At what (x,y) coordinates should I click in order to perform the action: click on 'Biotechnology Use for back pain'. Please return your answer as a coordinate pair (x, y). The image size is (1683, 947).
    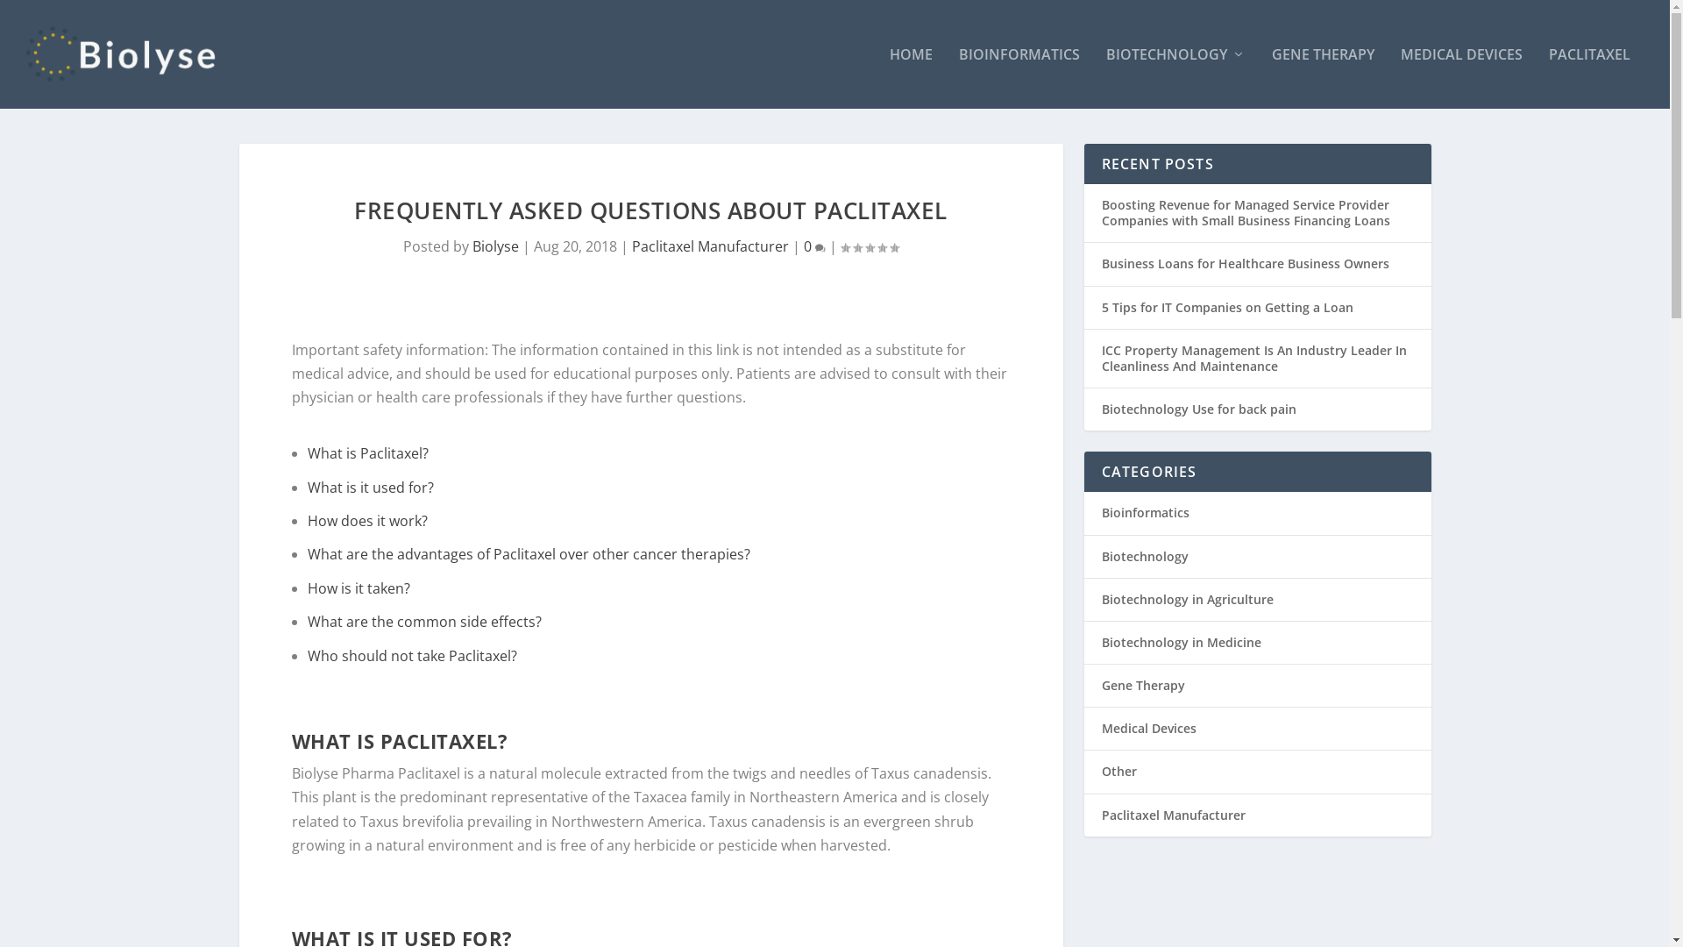
    Looking at the image, I should click on (1197, 409).